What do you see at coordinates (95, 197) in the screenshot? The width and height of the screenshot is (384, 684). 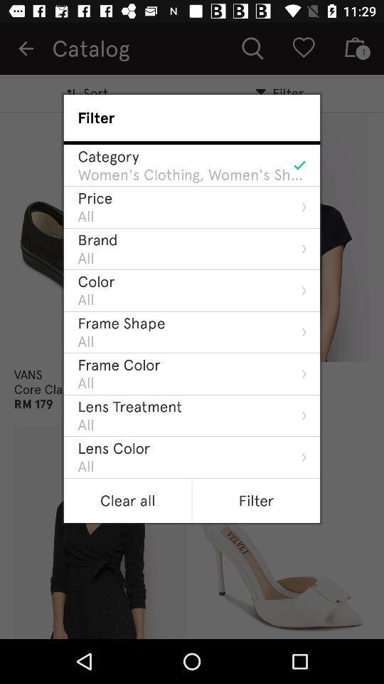 I see `the icon below women s clothing item` at bounding box center [95, 197].